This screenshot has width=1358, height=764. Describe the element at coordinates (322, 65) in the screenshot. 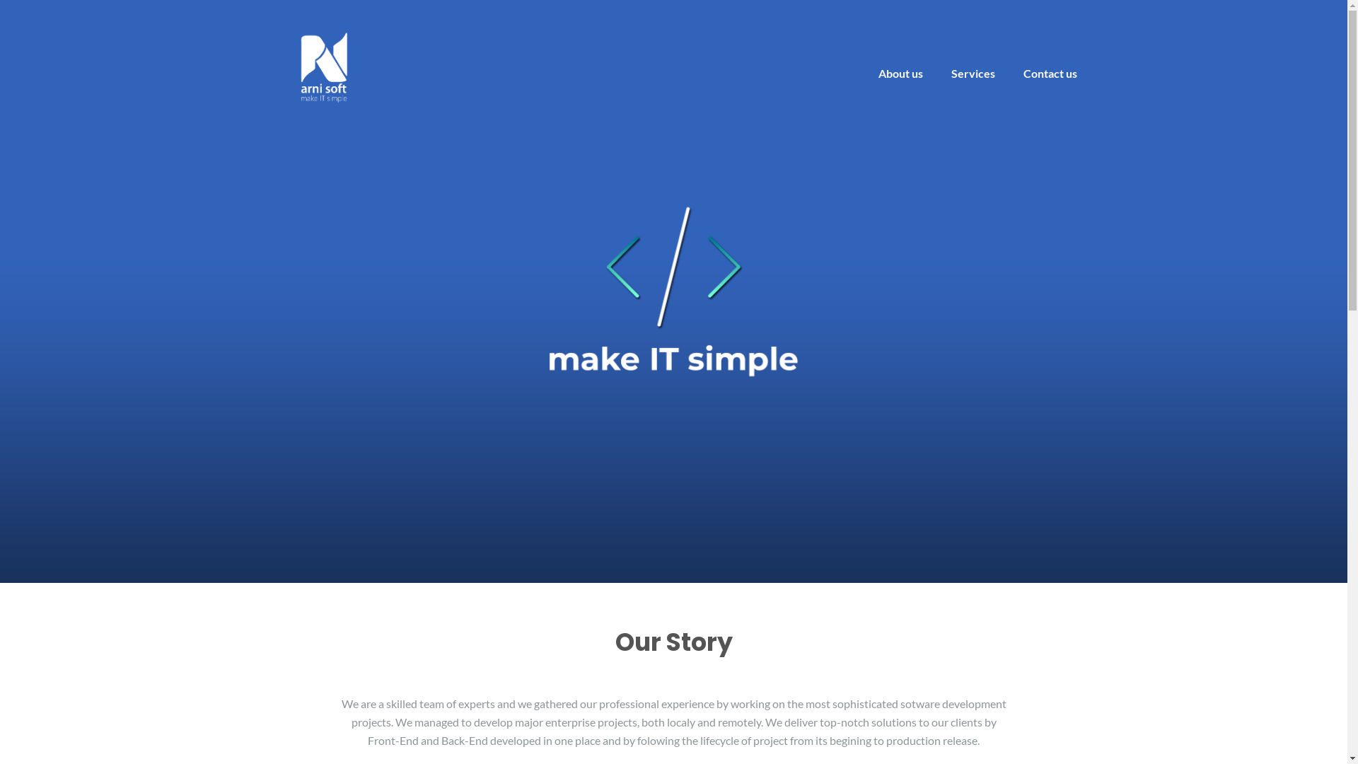

I see `'arni soft'` at that location.